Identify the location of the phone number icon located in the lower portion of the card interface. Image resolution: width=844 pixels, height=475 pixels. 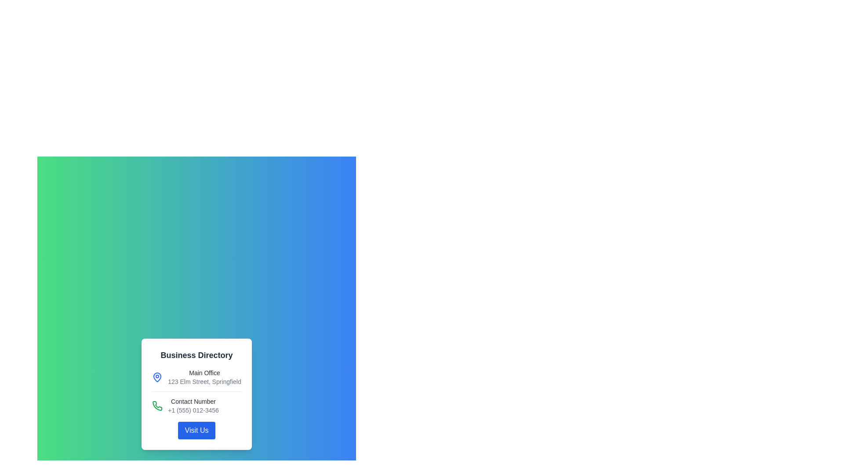
(157, 406).